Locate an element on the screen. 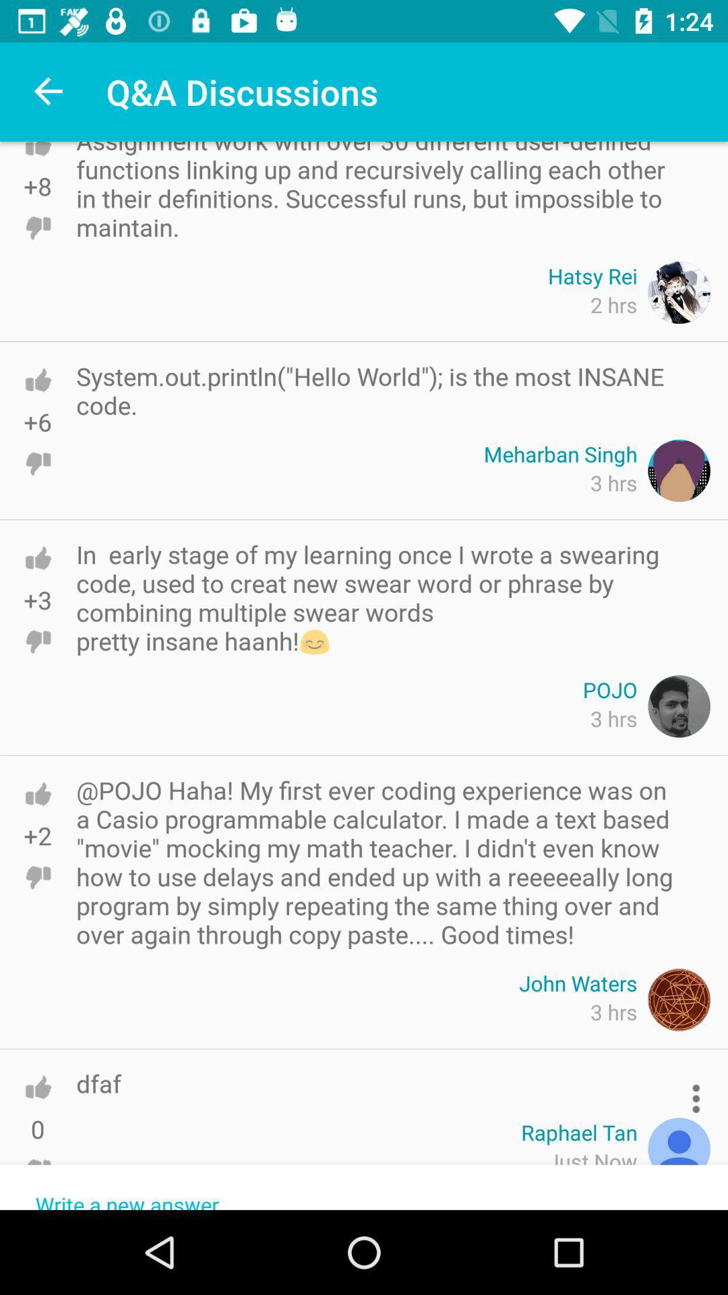  dislike displayed answer is located at coordinates (37, 1170).